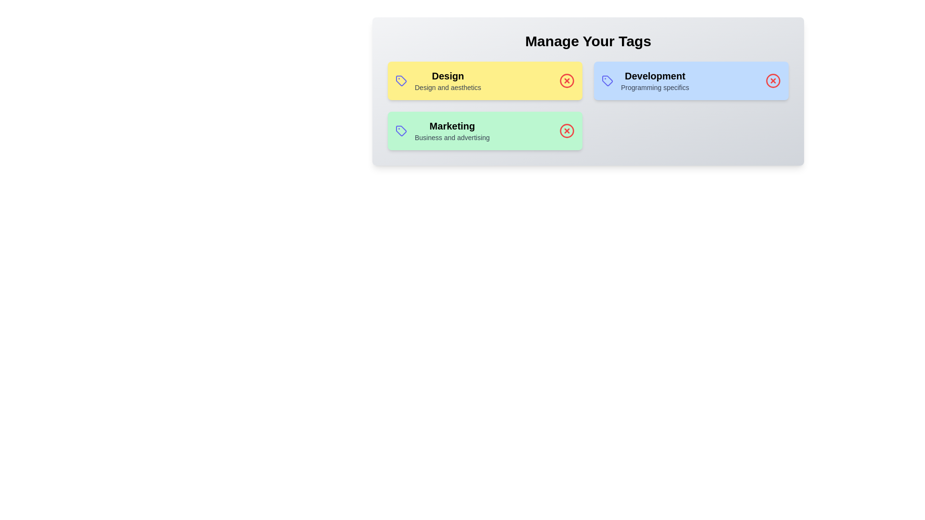 Image resolution: width=925 pixels, height=520 pixels. What do you see at coordinates (655, 76) in the screenshot?
I see `the description of the tag labeled Development` at bounding box center [655, 76].